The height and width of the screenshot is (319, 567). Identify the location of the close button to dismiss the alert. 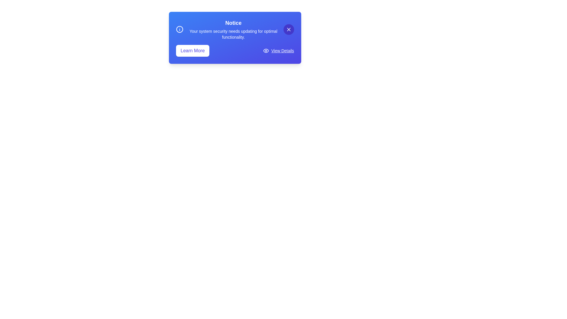
(289, 30).